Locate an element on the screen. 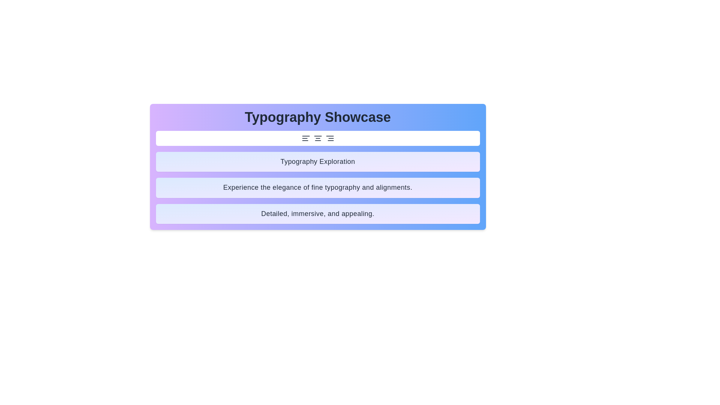 The width and height of the screenshot is (720, 405). the centered alignment icon, which is represented by three horizontal lines of varying lengths arranged vertically and displayed in dark gray, located between the left and right alignment icons is located at coordinates (318, 138).